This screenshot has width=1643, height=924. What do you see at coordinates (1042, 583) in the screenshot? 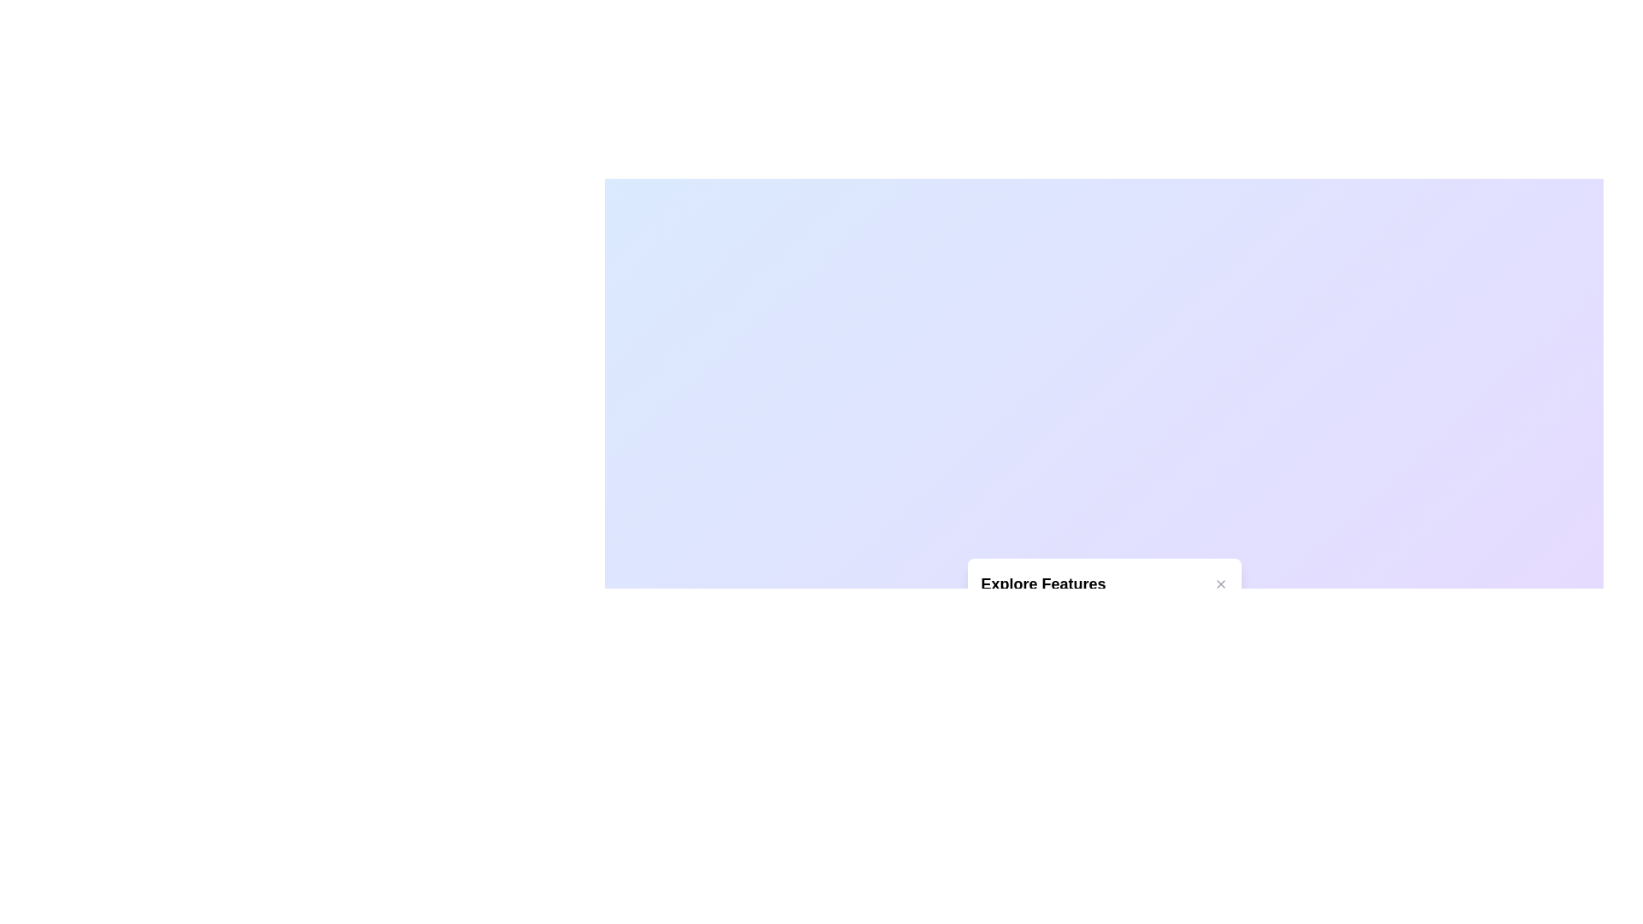
I see `the bold, black text label reading 'Explore Features' that is prominently displayed in a light-colored section` at bounding box center [1042, 583].